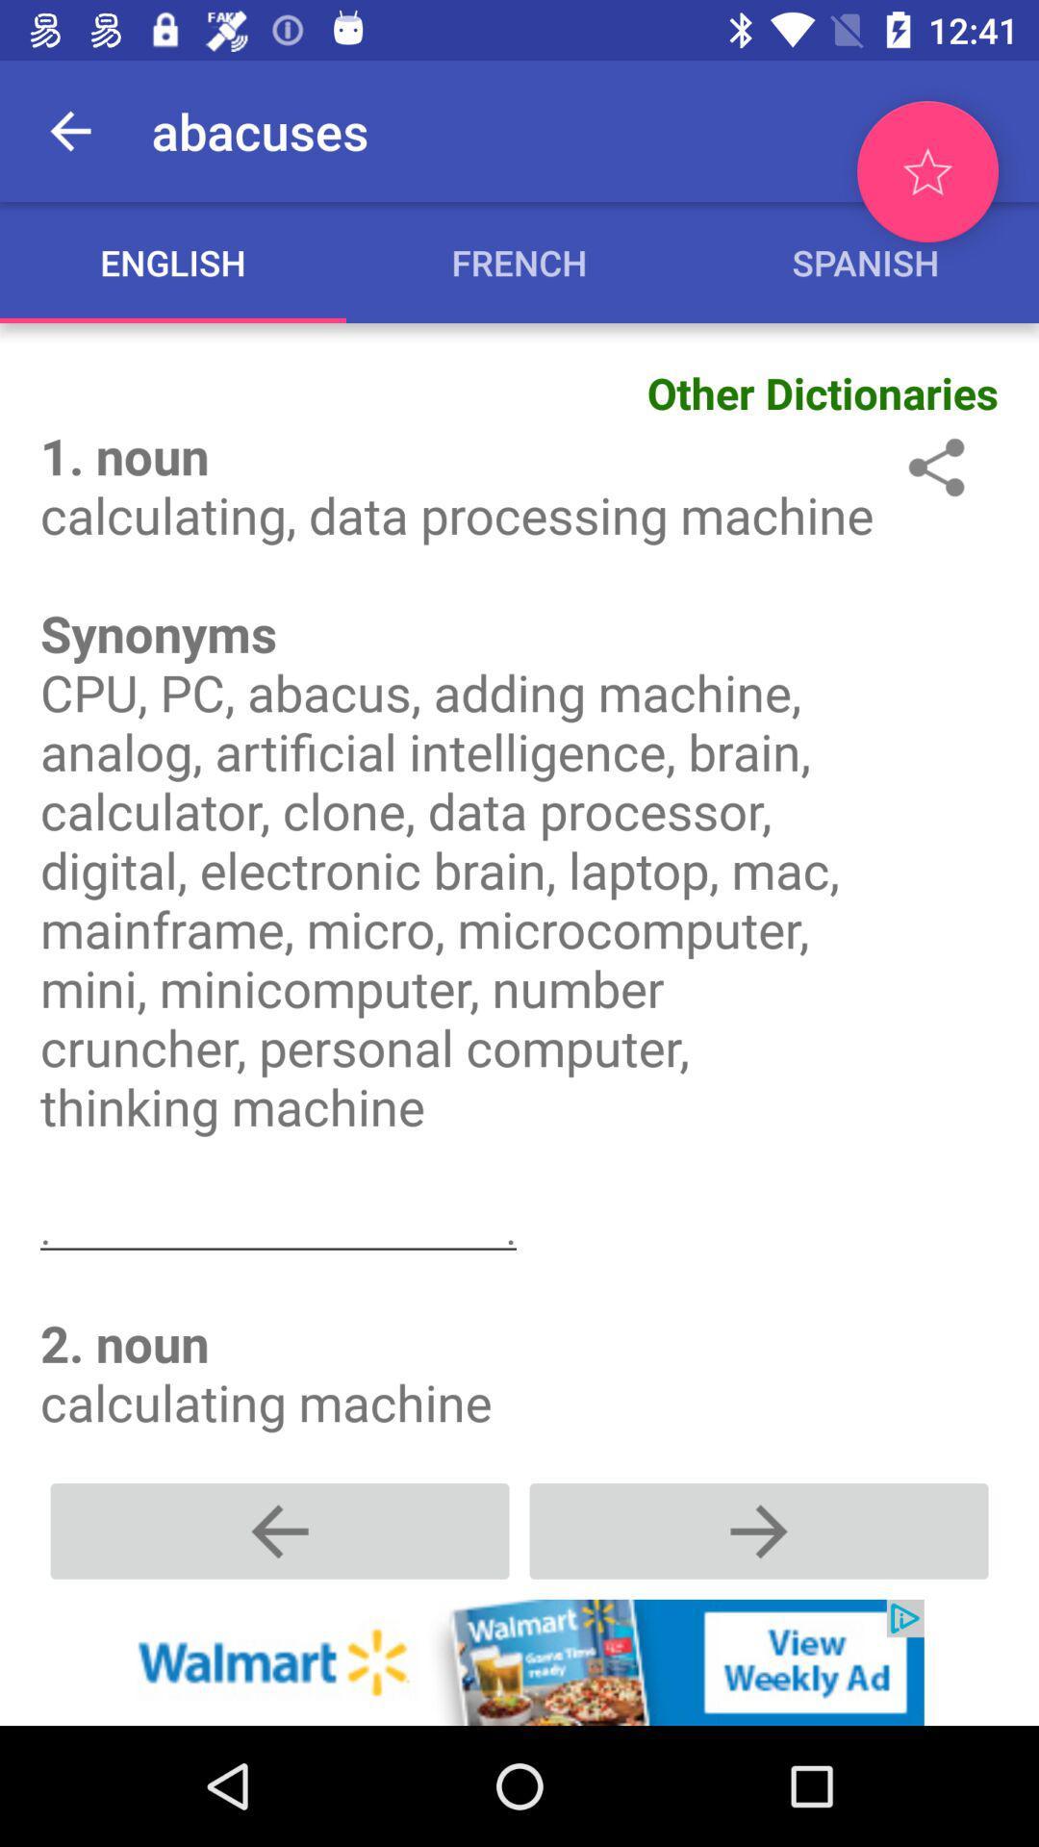 This screenshot has width=1039, height=1847. Describe the element at coordinates (932, 467) in the screenshot. I see `share` at that location.